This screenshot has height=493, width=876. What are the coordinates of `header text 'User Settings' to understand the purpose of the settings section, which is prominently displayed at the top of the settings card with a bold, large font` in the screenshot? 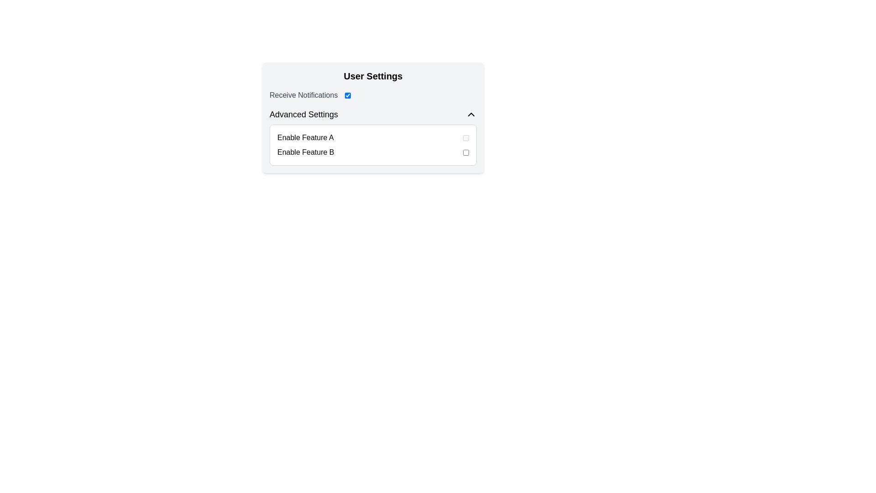 It's located at (373, 75).